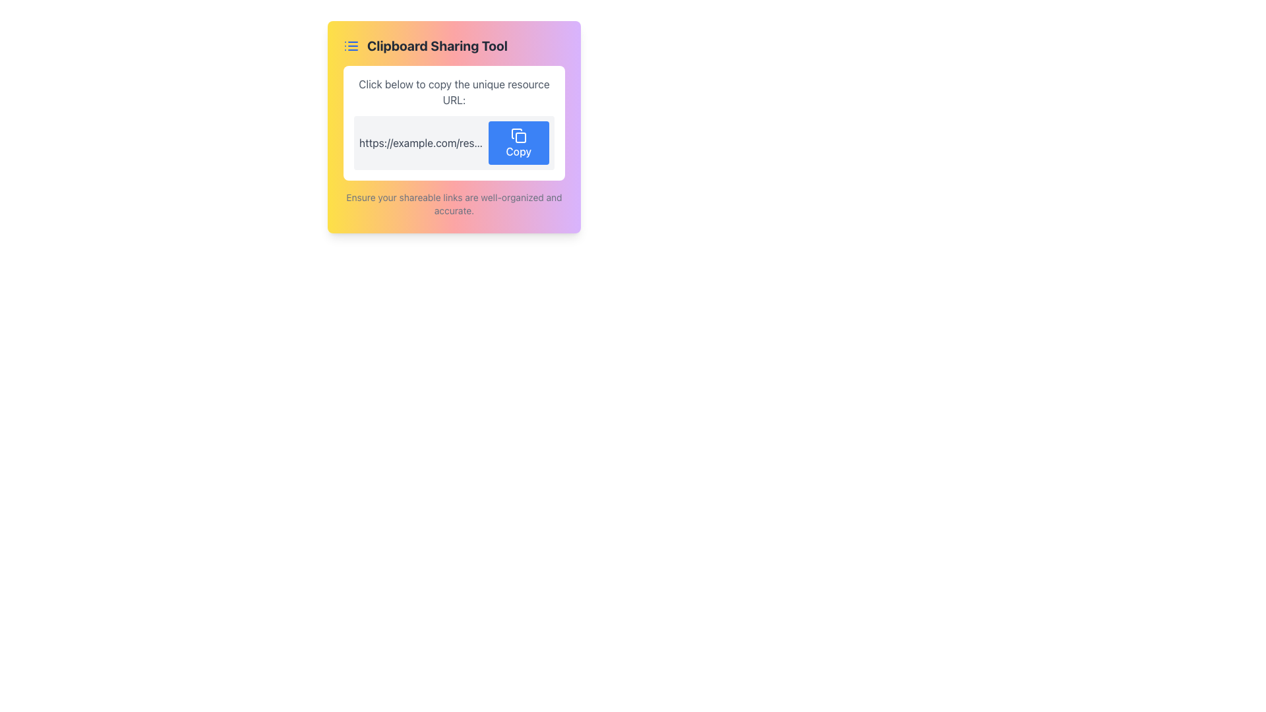  Describe the element at coordinates (518, 142) in the screenshot. I see `the blue 'Copy' button with white text and an icon of overlapping rectangles to copy the URL located on the right side of the URL text 'https://example.com/resource'` at that location.